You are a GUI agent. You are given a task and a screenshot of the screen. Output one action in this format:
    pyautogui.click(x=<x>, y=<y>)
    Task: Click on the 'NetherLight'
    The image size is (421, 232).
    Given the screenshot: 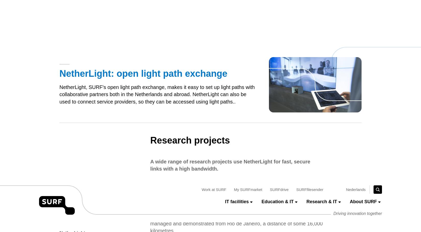 What is the action you would take?
    pyautogui.click(x=72, y=51)
    